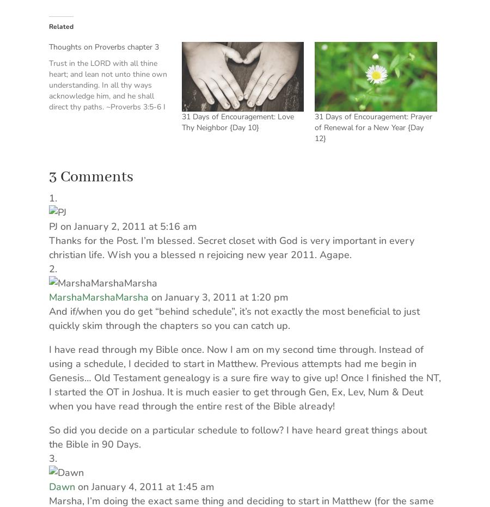  What do you see at coordinates (99, 297) in the screenshot?
I see `'MarshaMarshaMarsha'` at bounding box center [99, 297].